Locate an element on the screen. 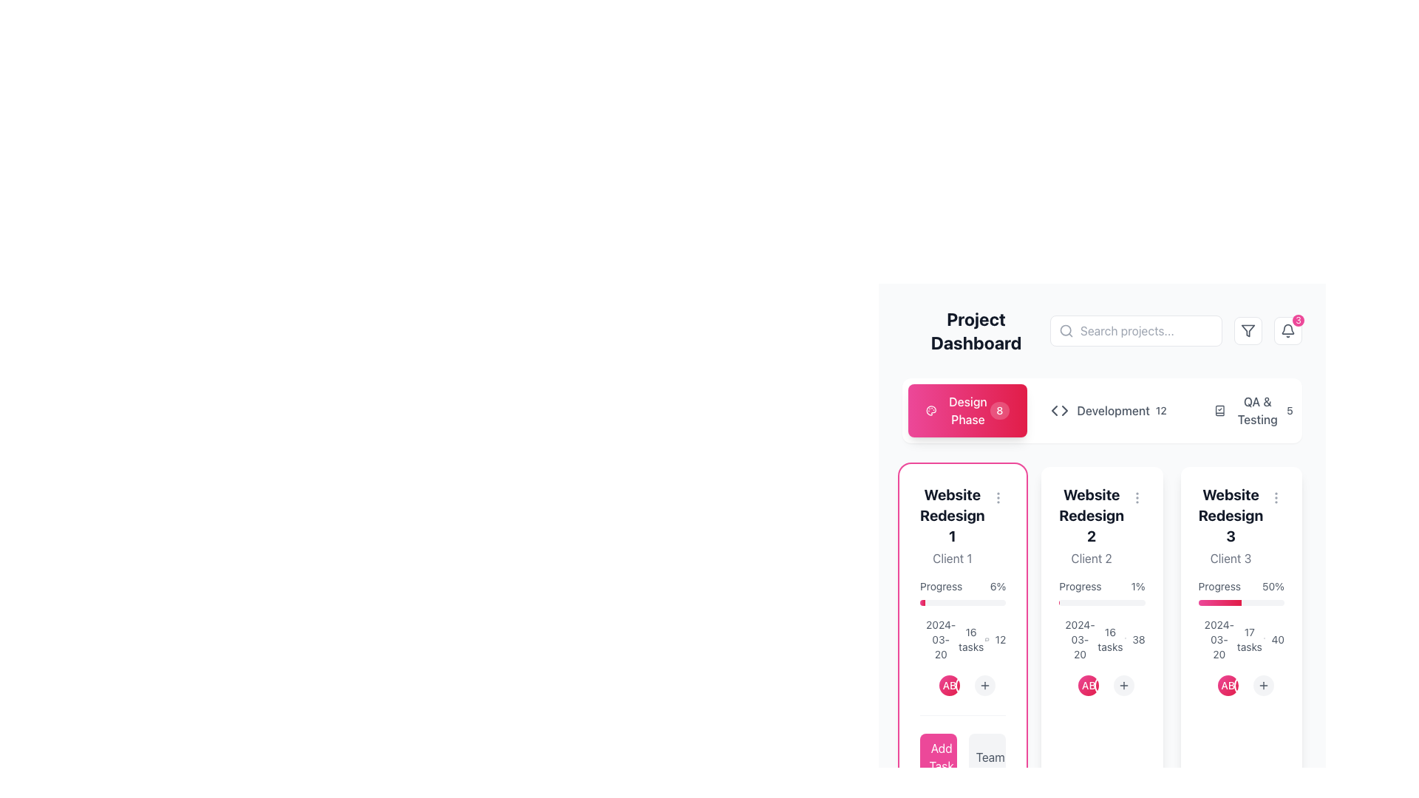 The image size is (1419, 798). the circular icon displaying 'AB' with a gradient background from its current position is located at coordinates (1089, 686).